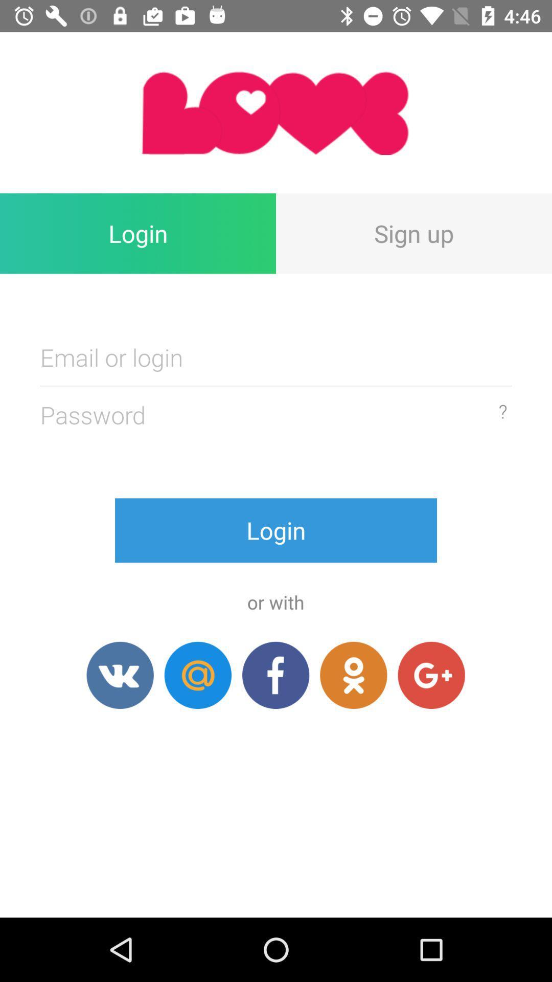 This screenshot has height=982, width=552. I want to click on share on google plus, so click(431, 675).